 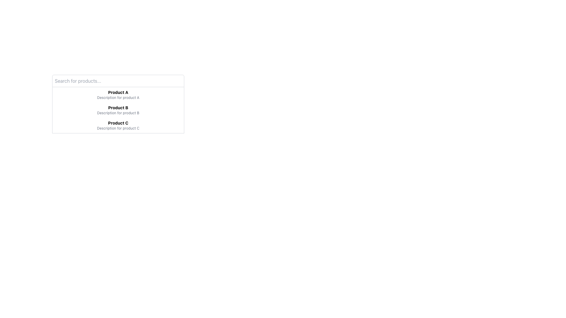 I want to click on the product name text label, which is the top item in the dropdown list under the search bar, so click(x=118, y=92).